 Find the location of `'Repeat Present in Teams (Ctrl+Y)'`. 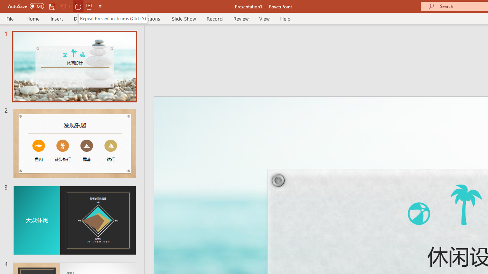

'Repeat Present in Teams (Ctrl+Y)' is located at coordinates (112, 18).